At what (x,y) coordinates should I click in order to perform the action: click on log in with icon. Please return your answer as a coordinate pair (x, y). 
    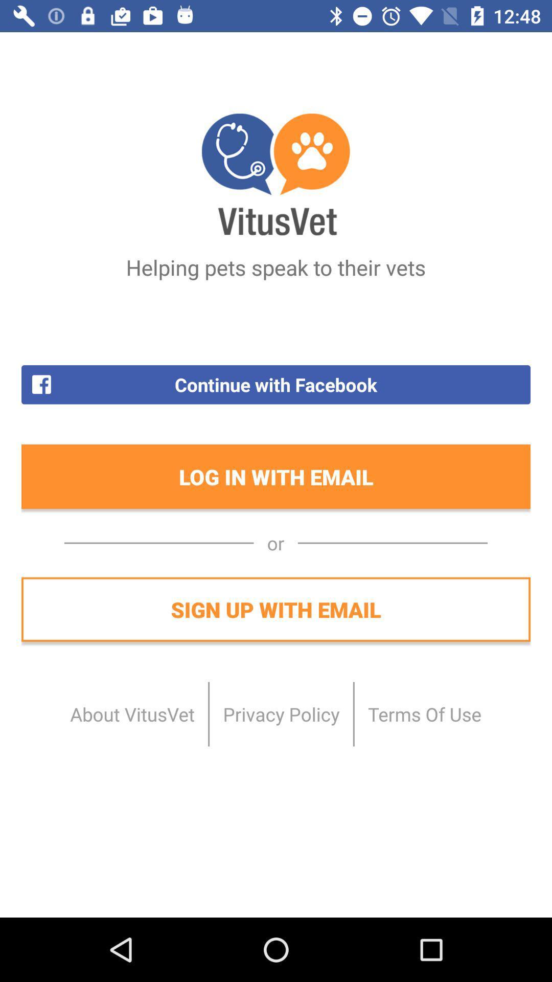
    Looking at the image, I should click on (276, 476).